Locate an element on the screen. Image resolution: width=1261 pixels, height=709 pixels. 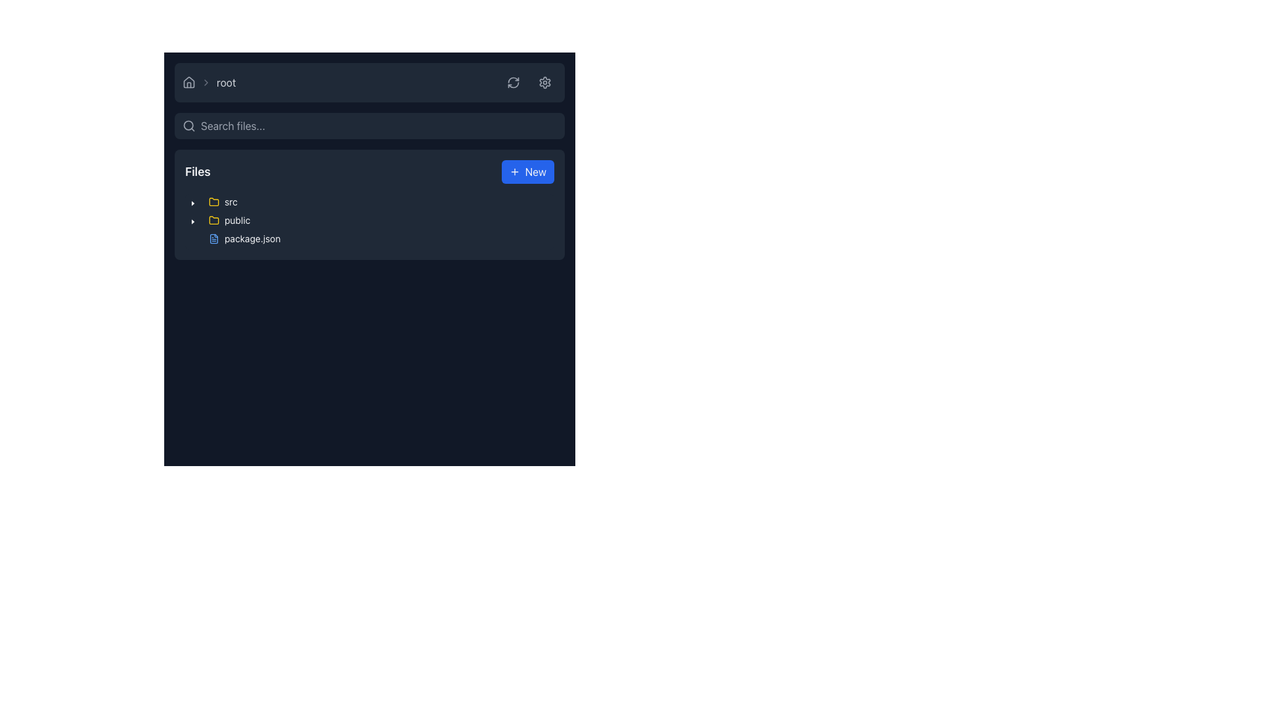
the Toggle button adjacent to the 'src' label is located at coordinates (192, 202).